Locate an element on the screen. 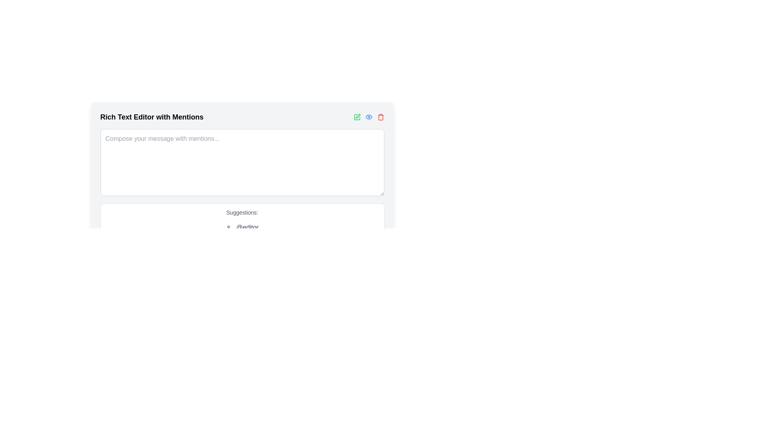  the green pencil button in the top-right corner of the text editor is located at coordinates (356, 117).